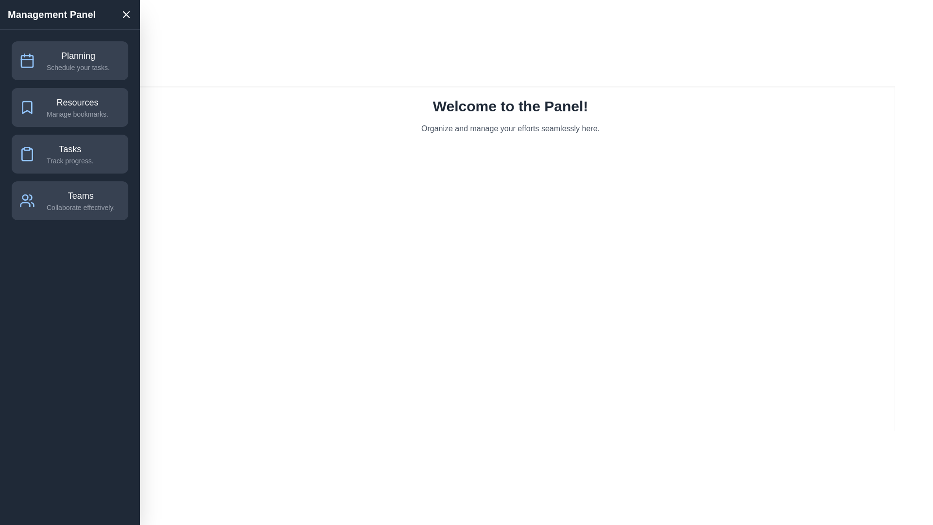  Describe the element at coordinates (69, 200) in the screenshot. I see `the menu item Teams to observe its hover effect` at that location.